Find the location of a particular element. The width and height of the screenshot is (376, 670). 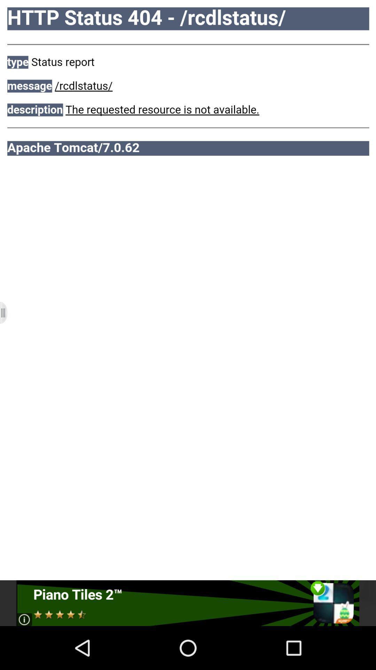

advertisement banner is located at coordinates (187, 603).